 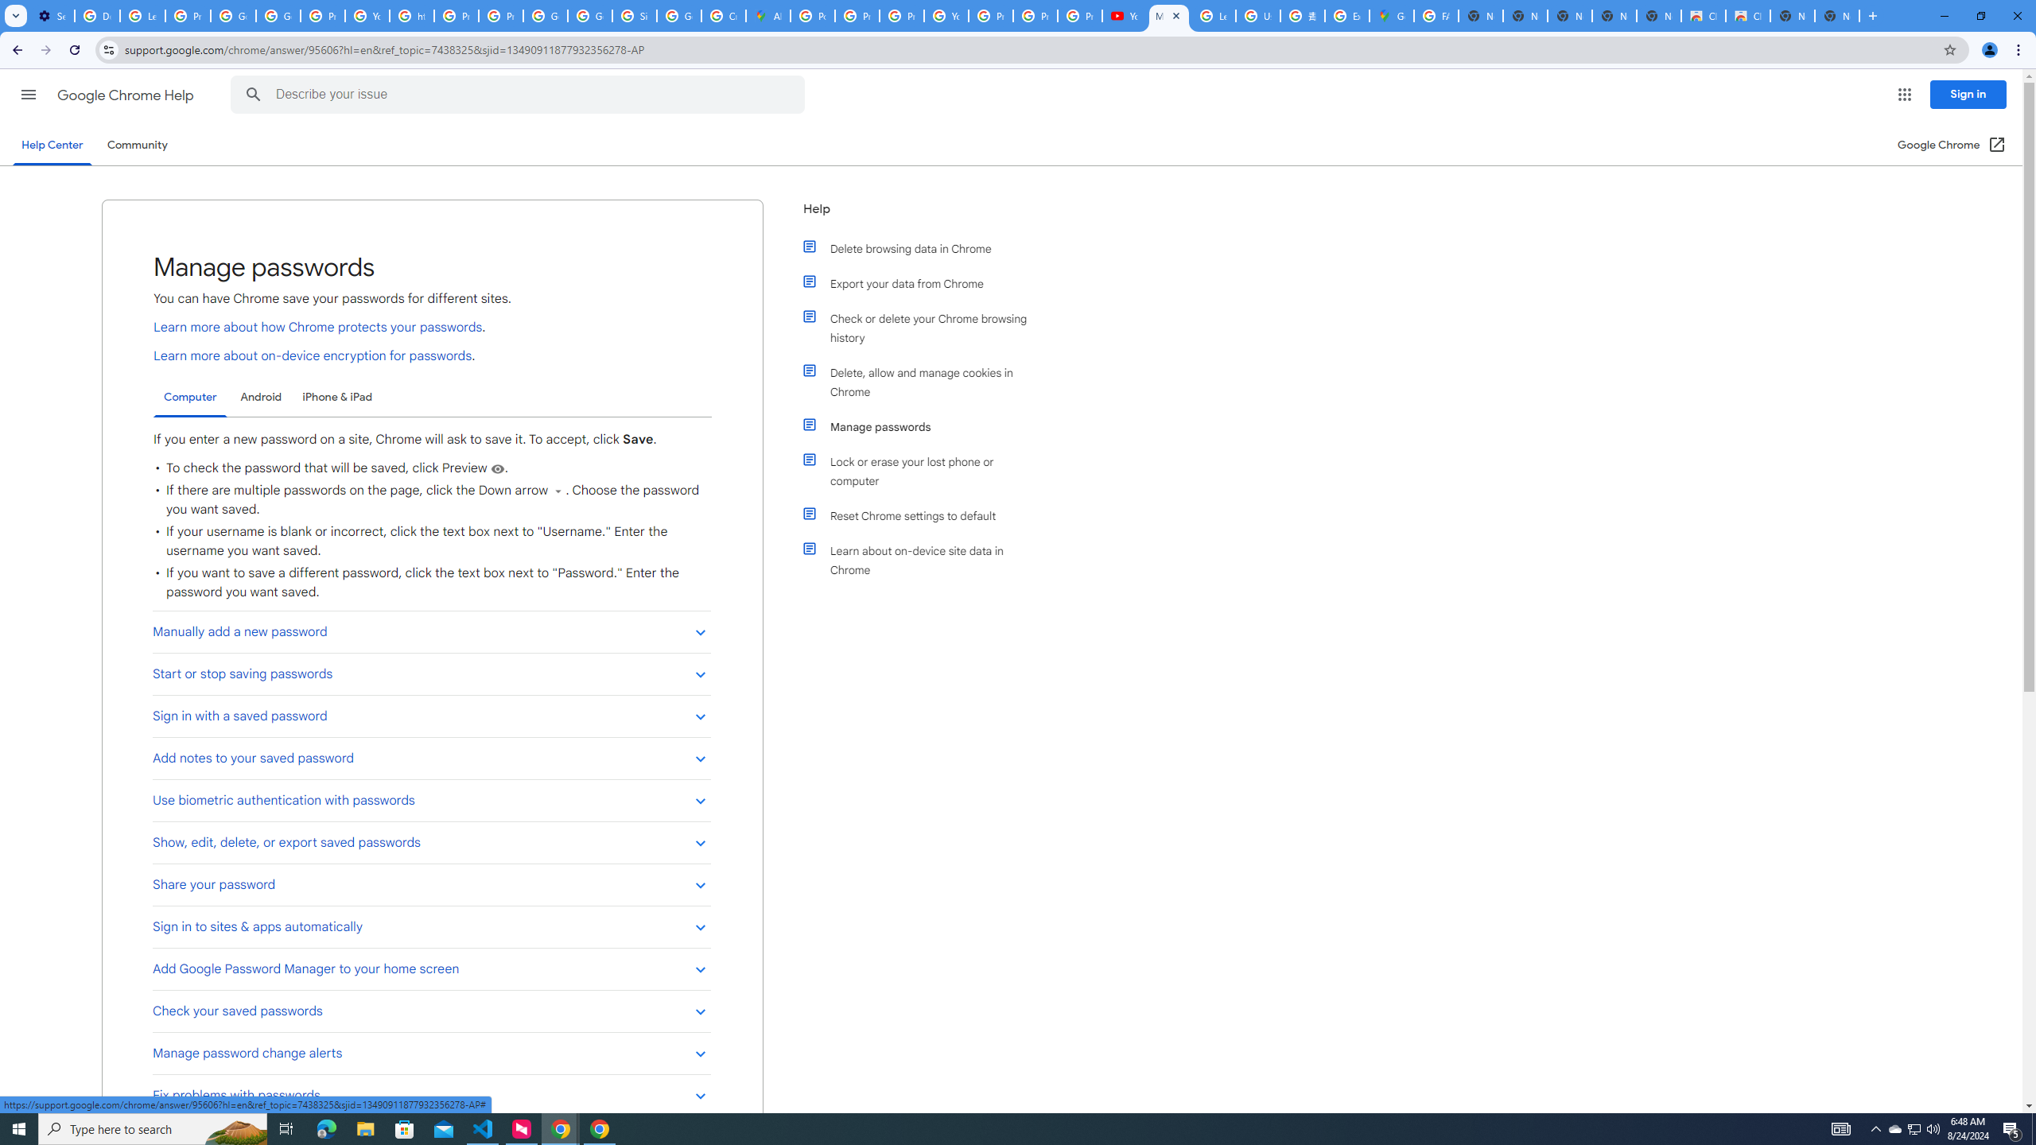 What do you see at coordinates (633, 15) in the screenshot?
I see `'Sign in - Google Accounts'` at bounding box center [633, 15].